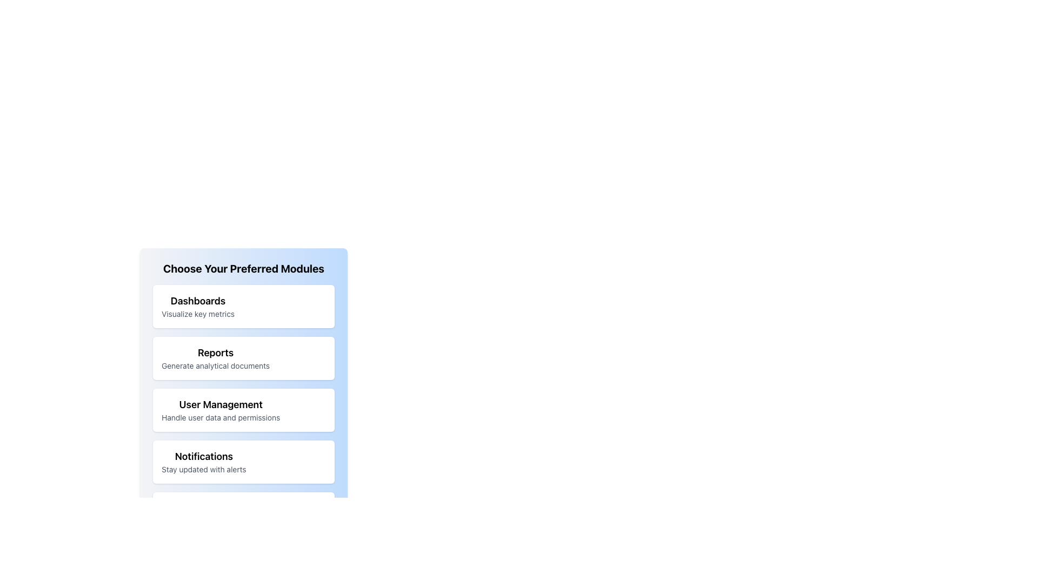  What do you see at coordinates (198, 301) in the screenshot?
I see `the Text label that serves as the title for the 'Dashboards' option, located at the top of the 'Choose Your Preferred Modules' list` at bounding box center [198, 301].